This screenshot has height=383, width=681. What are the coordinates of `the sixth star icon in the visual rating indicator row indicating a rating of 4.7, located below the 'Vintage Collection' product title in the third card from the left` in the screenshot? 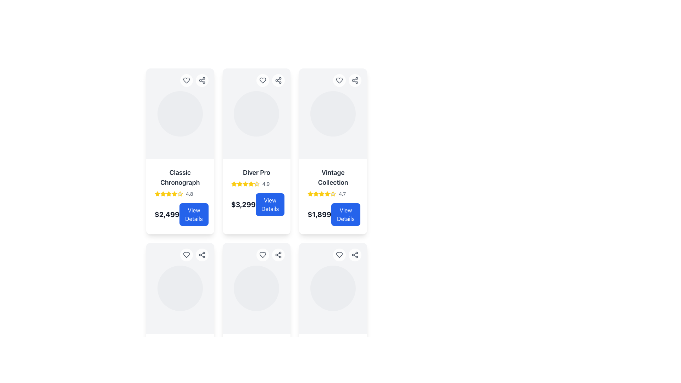 It's located at (333, 194).